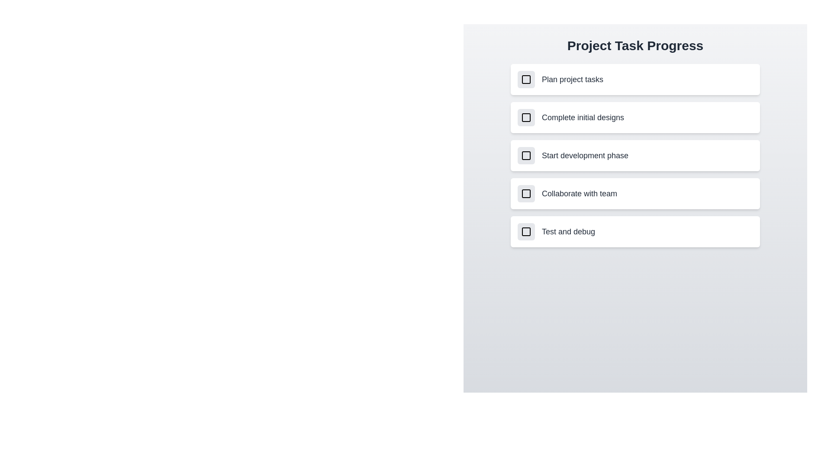 This screenshot has width=831, height=467. I want to click on the checkbox corresponding to the task 'Start development phase' to toggle its completion status, so click(525, 155).